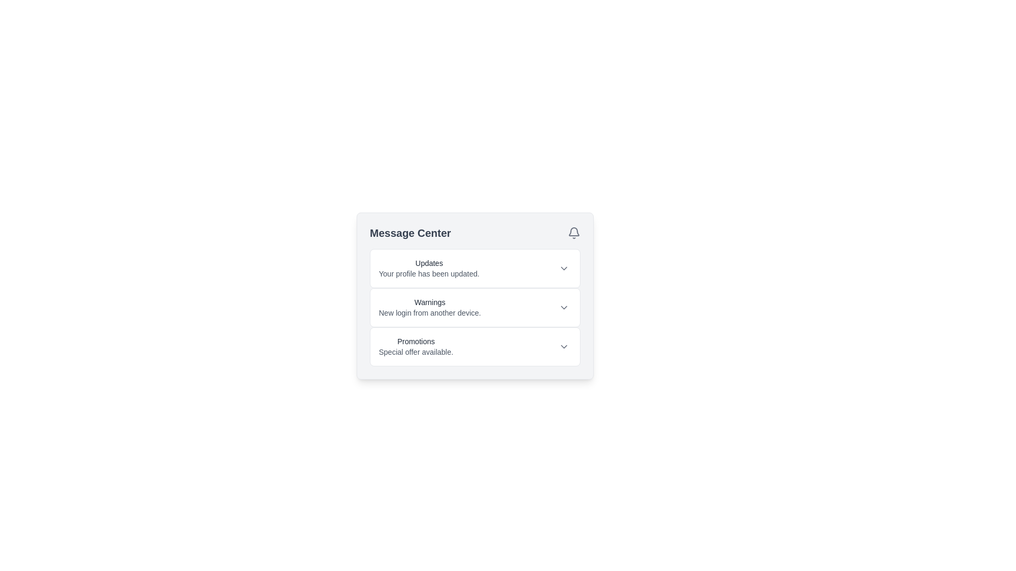 The height and width of the screenshot is (571, 1016). Describe the element at coordinates (430, 312) in the screenshot. I see `the static text element that reads 'New login from another device.', located below the 'Warnings' title in the Message Center panel` at that location.